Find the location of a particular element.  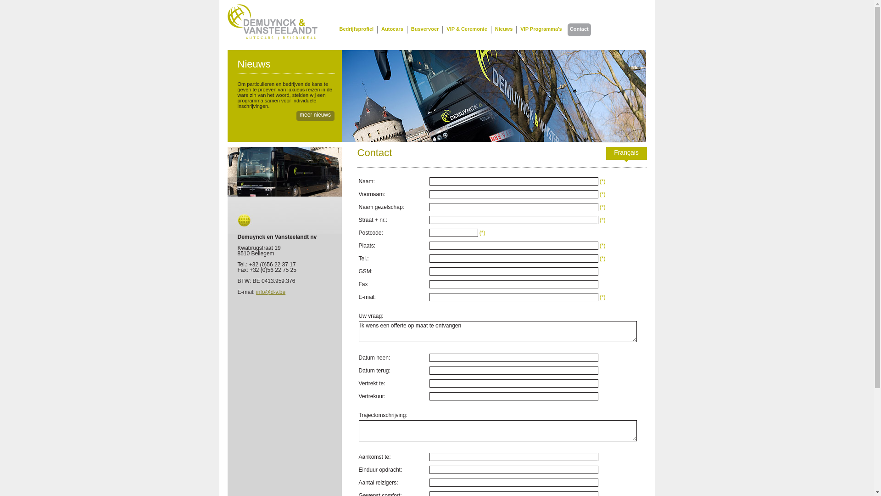

'Autocars' is located at coordinates (392, 29).